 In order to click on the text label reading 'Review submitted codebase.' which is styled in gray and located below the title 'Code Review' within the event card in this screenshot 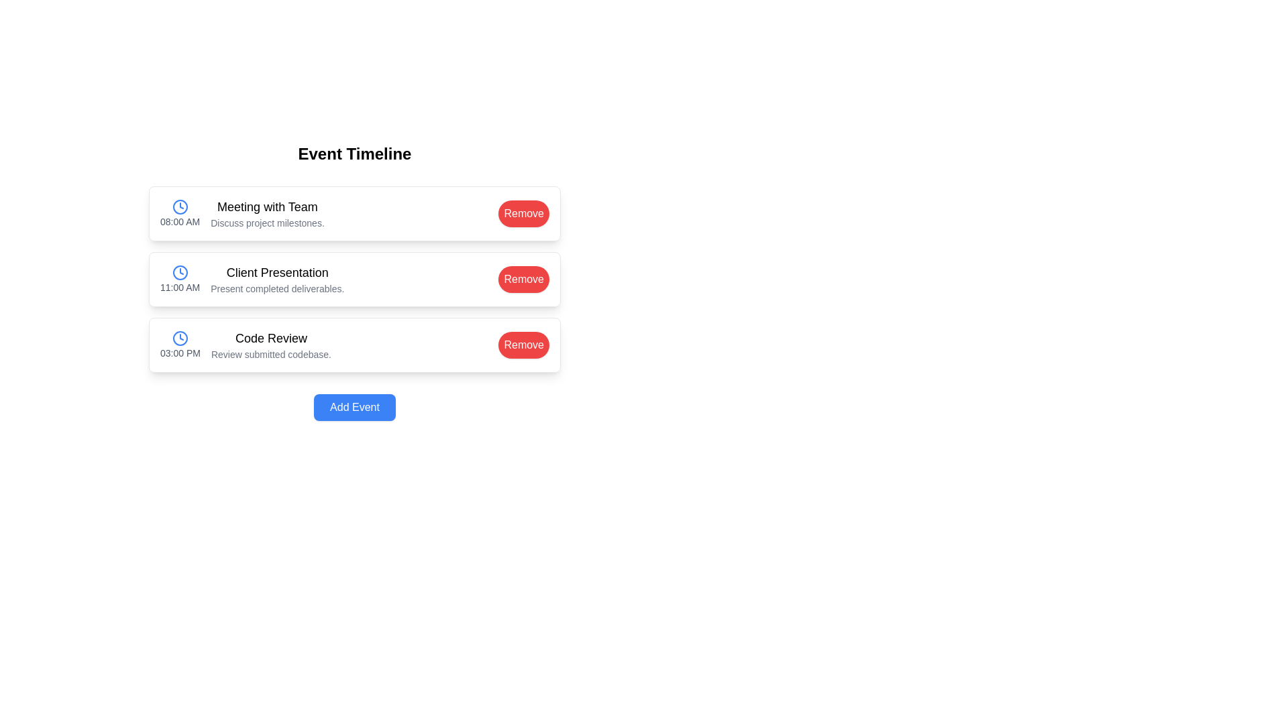, I will do `click(270, 353)`.